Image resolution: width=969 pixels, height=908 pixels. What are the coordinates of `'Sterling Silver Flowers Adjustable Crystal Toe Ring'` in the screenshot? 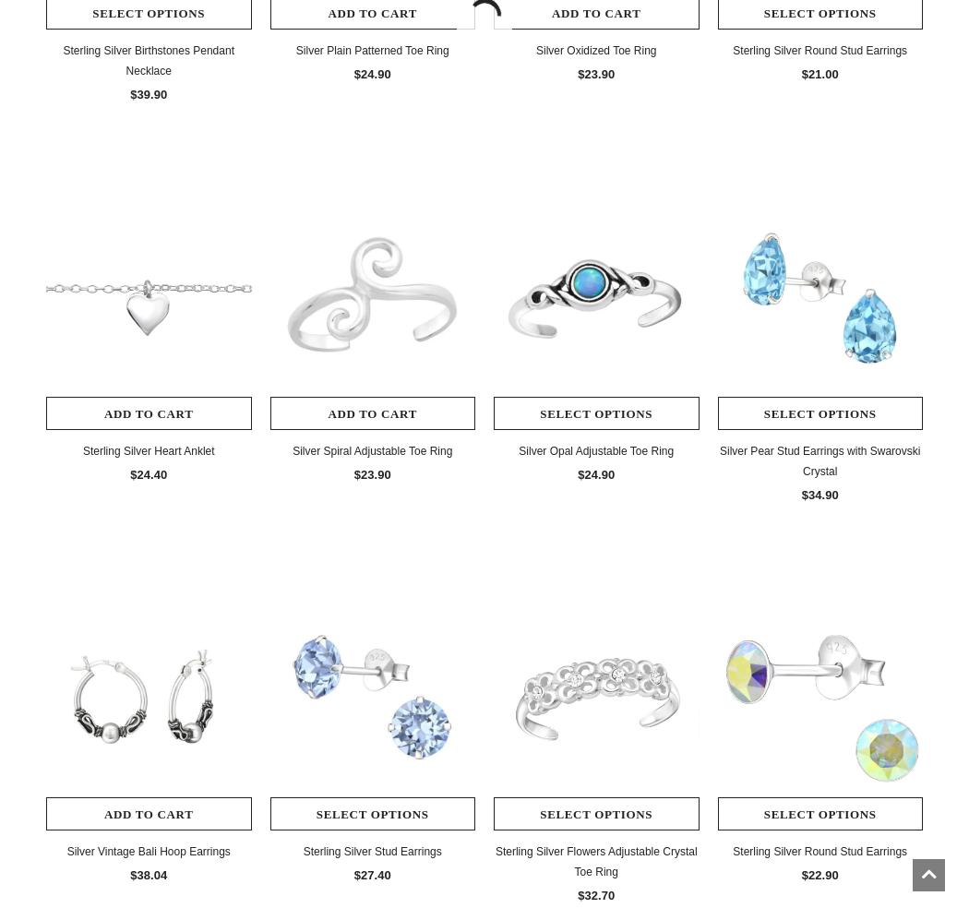 It's located at (594, 862).